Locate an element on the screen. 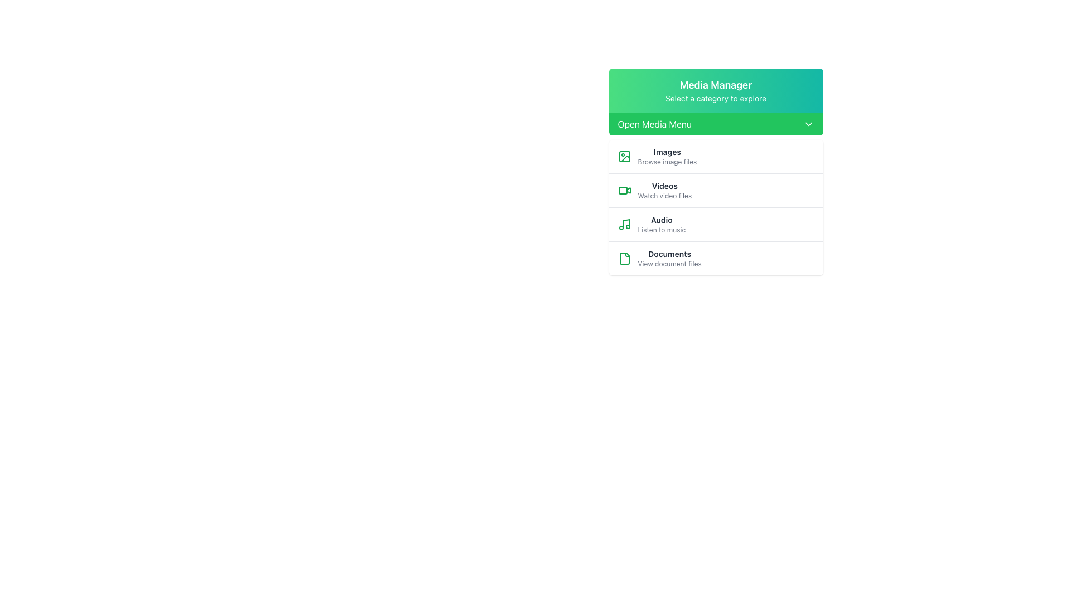 The image size is (1071, 602). the small, stylized green file document icon, which is the leftmost element in the Media Manager menu, adjacent to the text 'Documents View document files' is located at coordinates (624, 258).